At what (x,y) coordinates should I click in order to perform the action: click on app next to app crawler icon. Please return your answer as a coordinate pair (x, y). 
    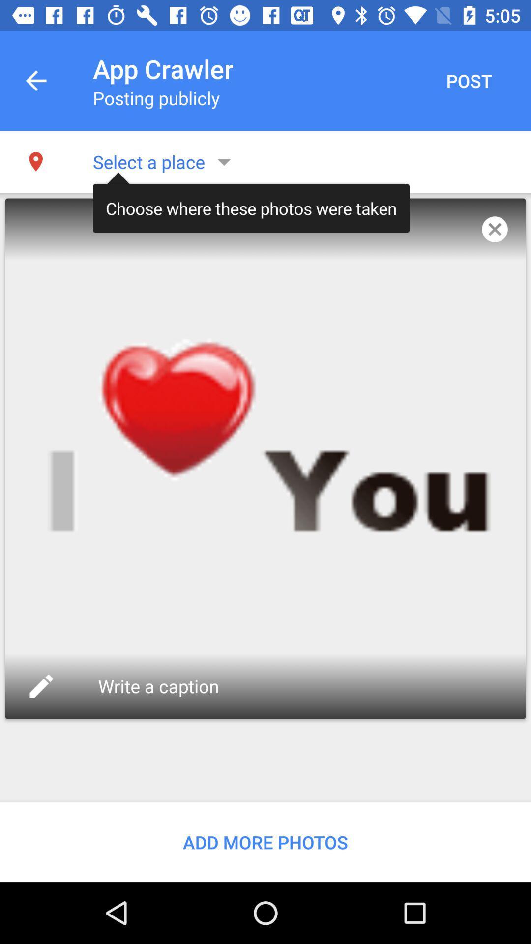
    Looking at the image, I should click on (35, 81).